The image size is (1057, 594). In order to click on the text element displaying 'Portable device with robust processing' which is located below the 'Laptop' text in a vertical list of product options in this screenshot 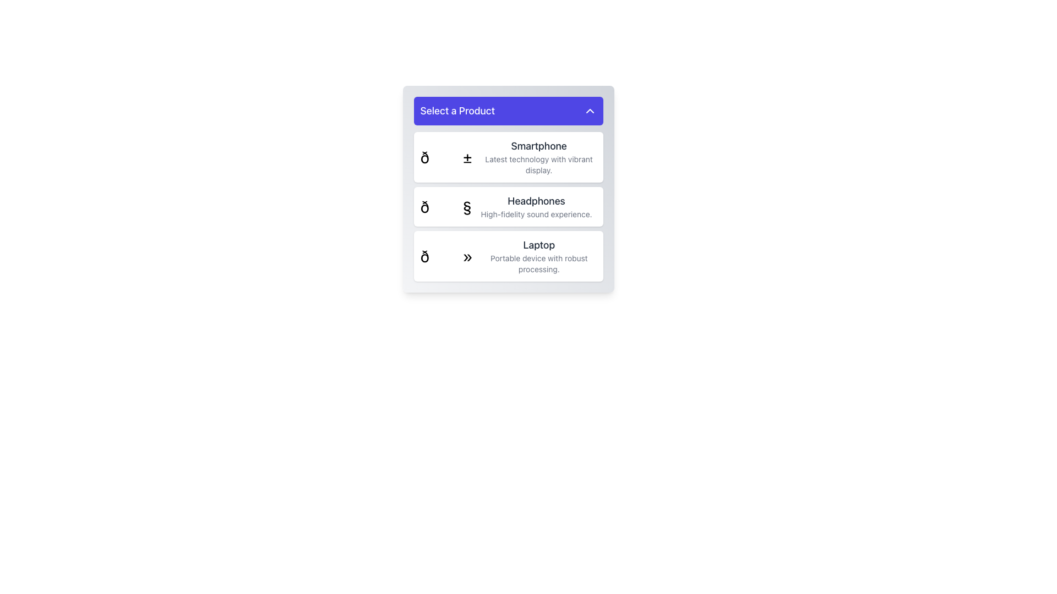, I will do `click(539, 263)`.